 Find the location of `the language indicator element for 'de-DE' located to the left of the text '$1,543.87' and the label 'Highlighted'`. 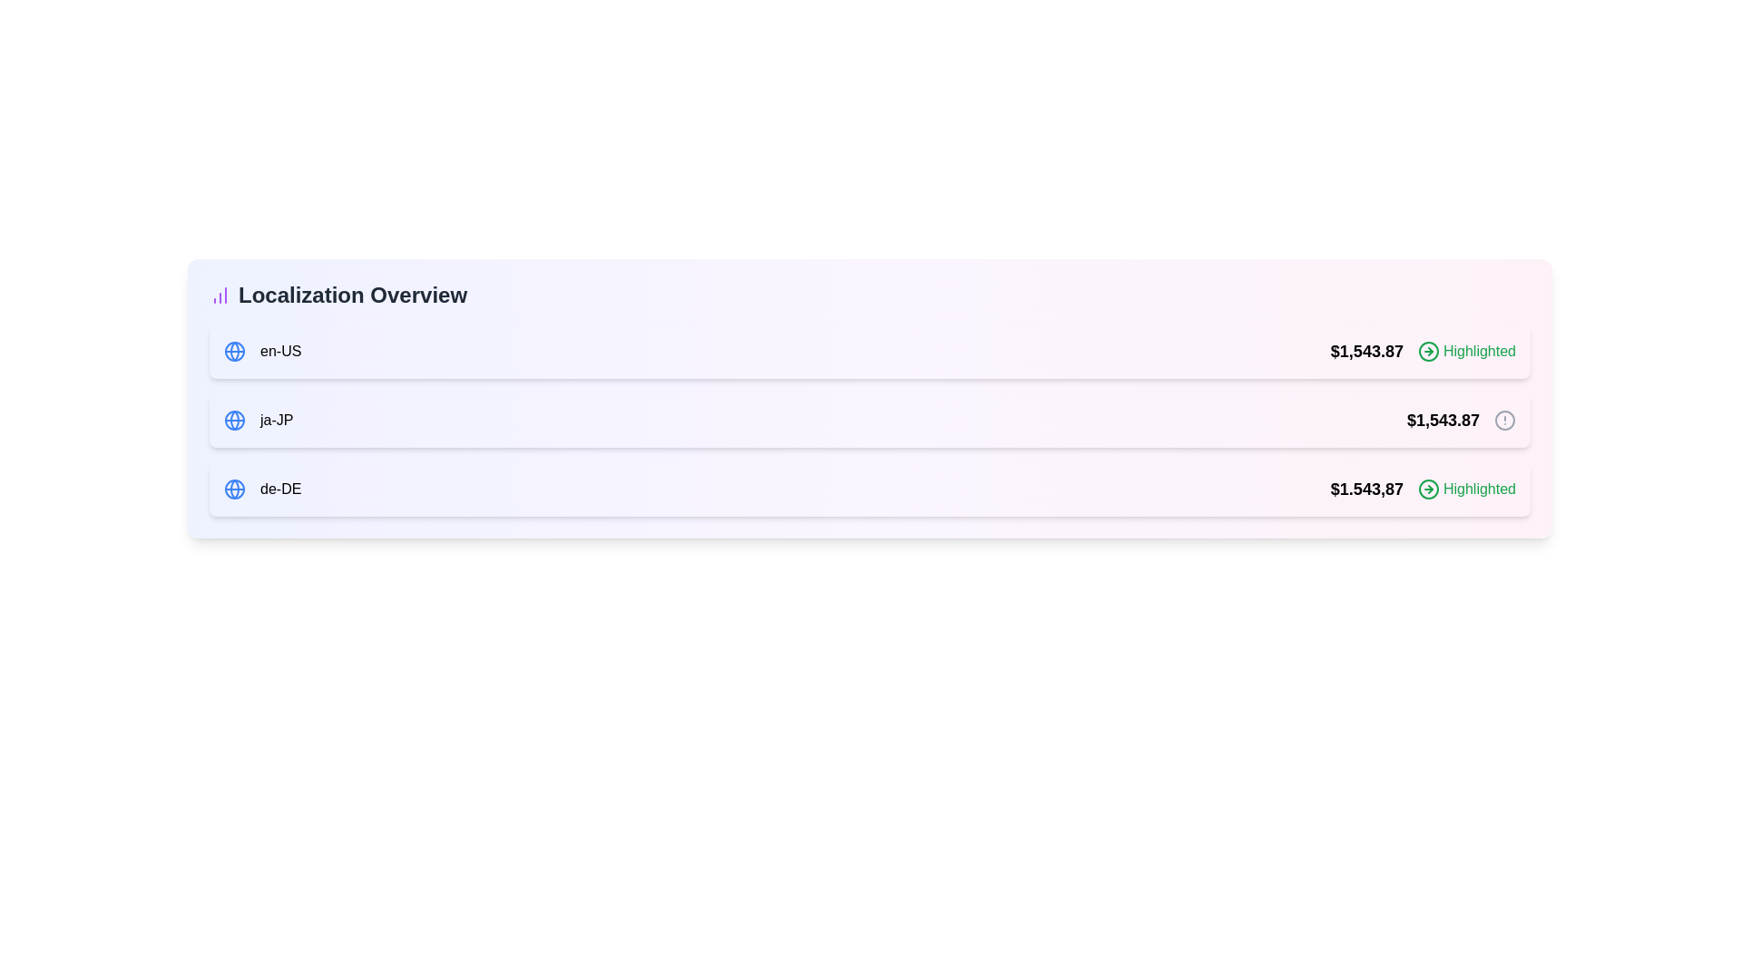

the language indicator element for 'de-DE' located to the left of the text '$1,543.87' and the label 'Highlighted' is located at coordinates (261, 489).